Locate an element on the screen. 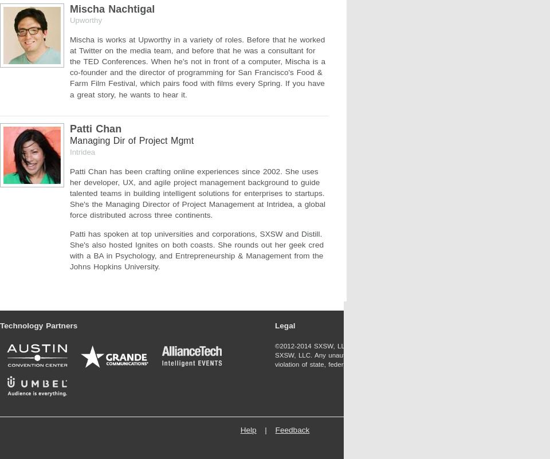 The height and width of the screenshot is (459, 550). 'Mischa Nachtigal' is located at coordinates (112, 9).